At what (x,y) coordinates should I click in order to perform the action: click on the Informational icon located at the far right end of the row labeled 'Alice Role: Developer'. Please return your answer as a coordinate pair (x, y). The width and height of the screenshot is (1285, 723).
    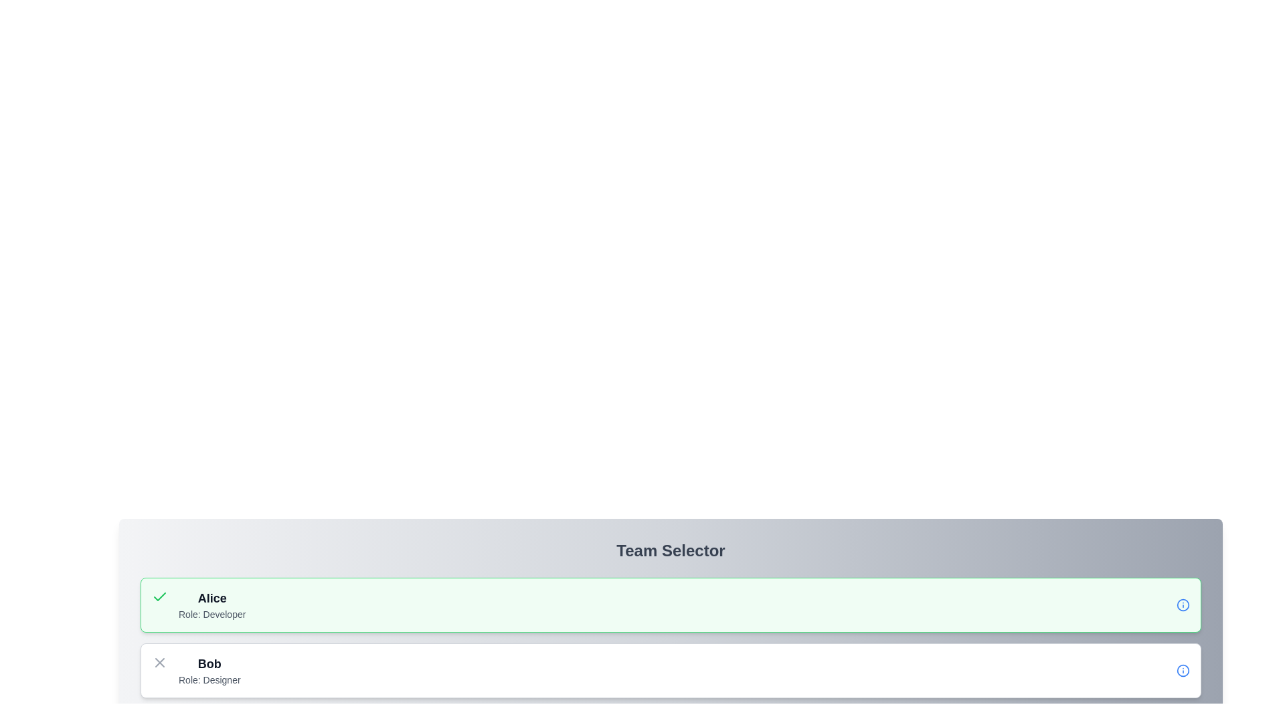
    Looking at the image, I should click on (1183, 605).